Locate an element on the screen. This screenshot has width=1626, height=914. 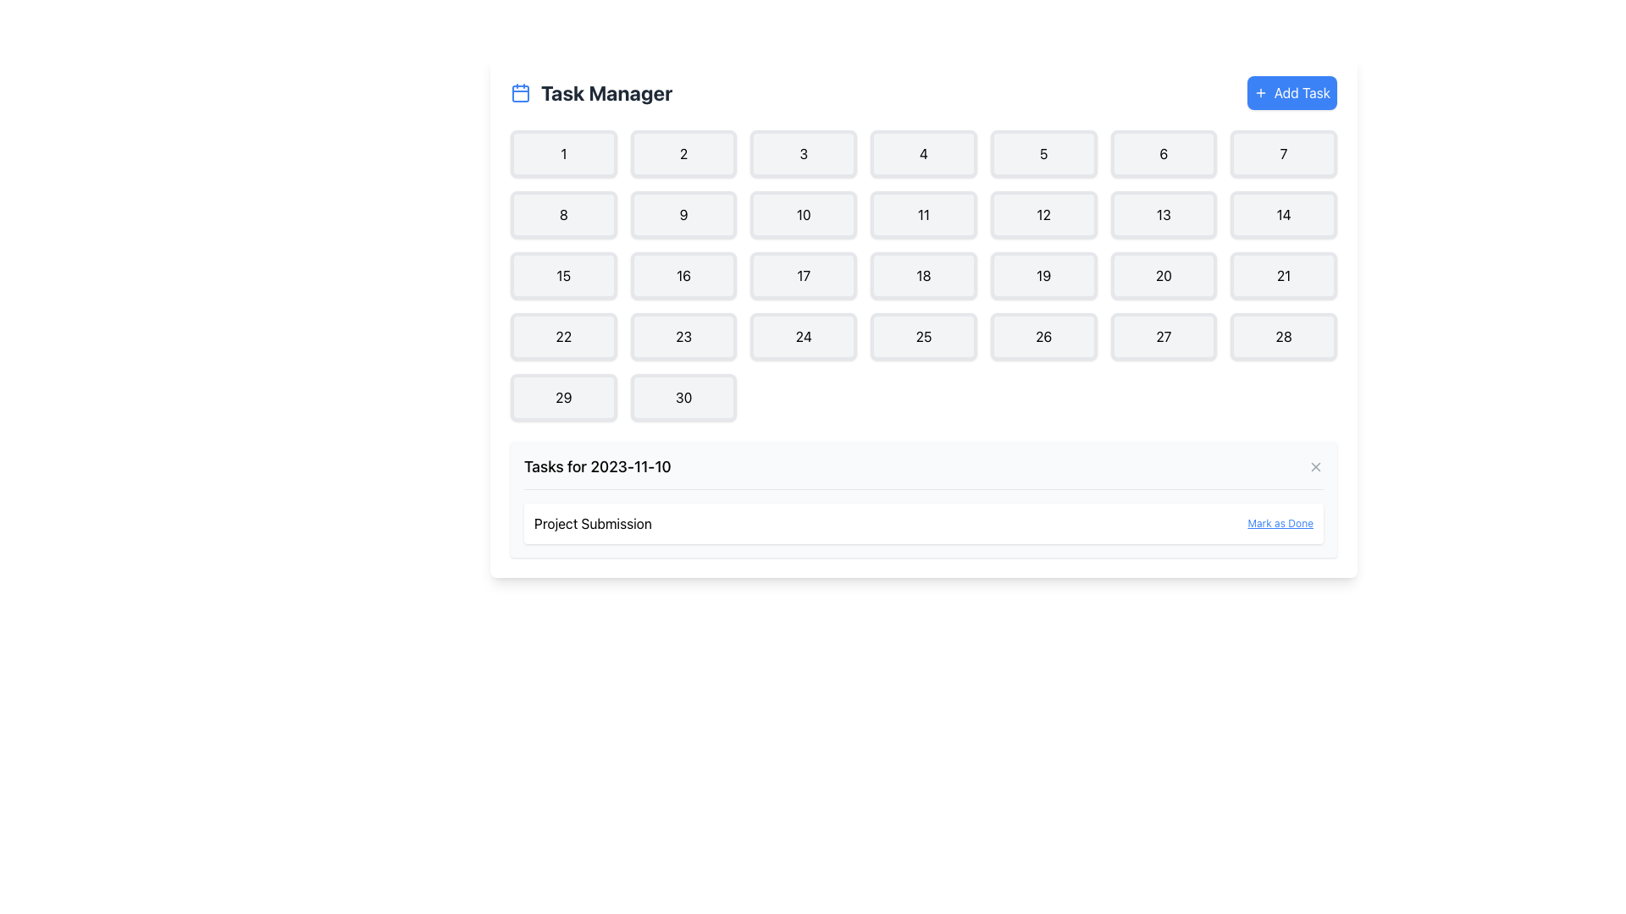
the button located in the top-right corner of the 'Task Manager' section is located at coordinates (1291, 93).